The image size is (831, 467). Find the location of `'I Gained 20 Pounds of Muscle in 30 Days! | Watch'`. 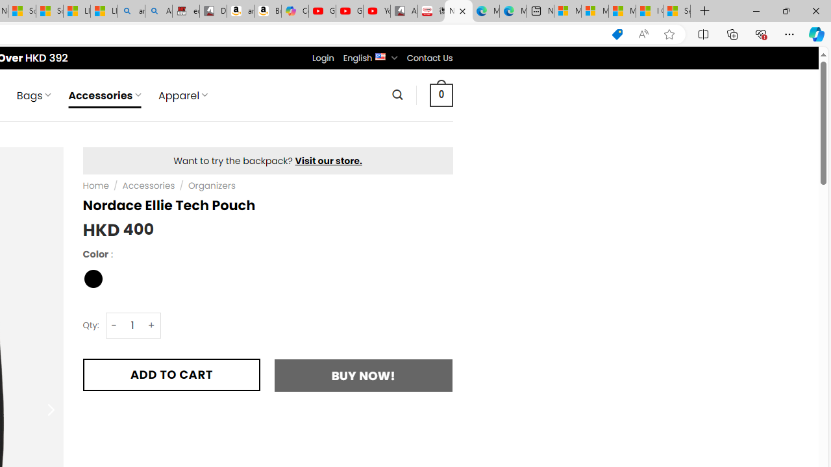

'I Gained 20 Pounds of Muscle in 30 Days! | Watch' is located at coordinates (649, 11).